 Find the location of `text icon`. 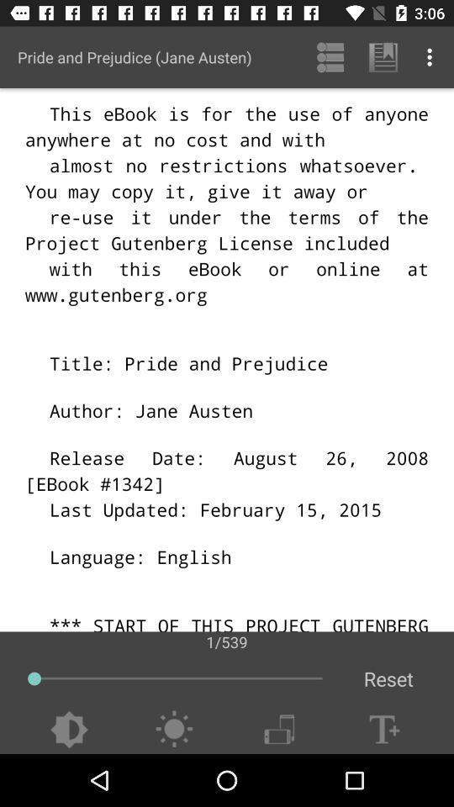

text icon is located at coordinates (384, 729).